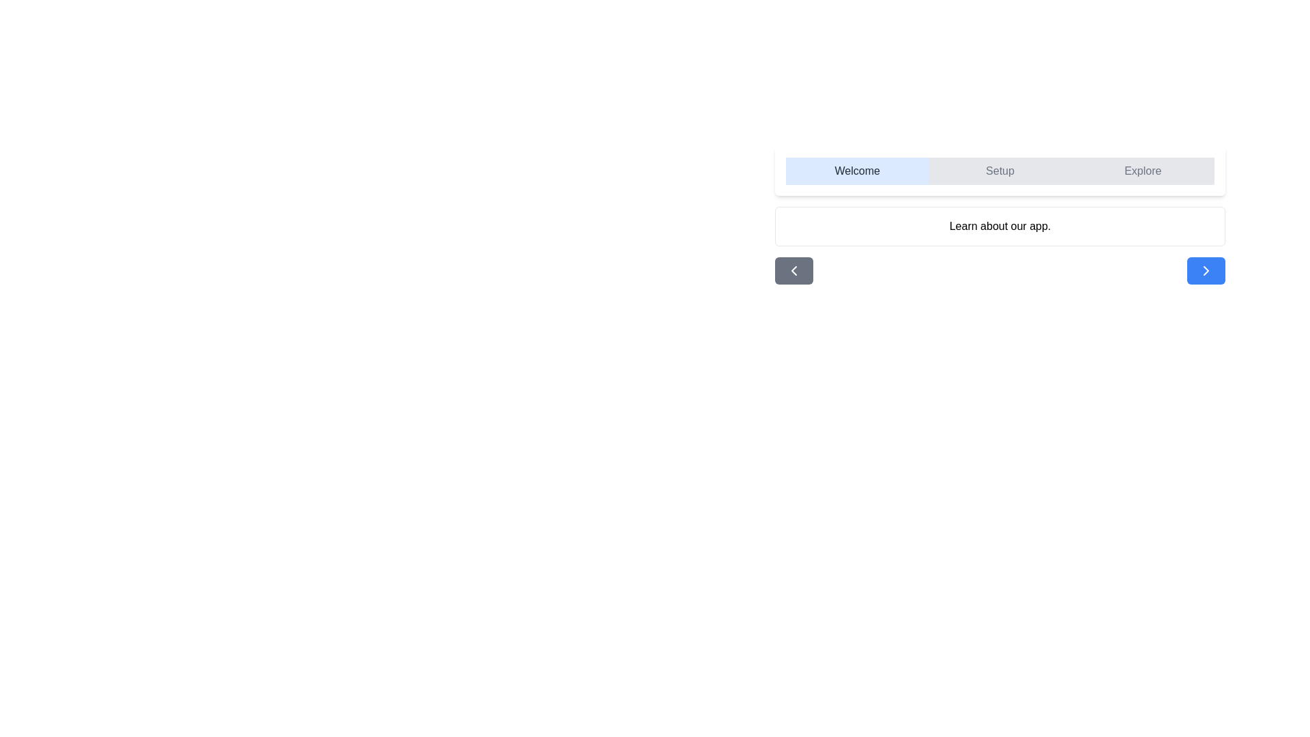 Image resolution: width=1310 pixels, height=737 pixels. I want to click on the step indicator labeled 'Setup' to navigate to that step, so click(999, 170).